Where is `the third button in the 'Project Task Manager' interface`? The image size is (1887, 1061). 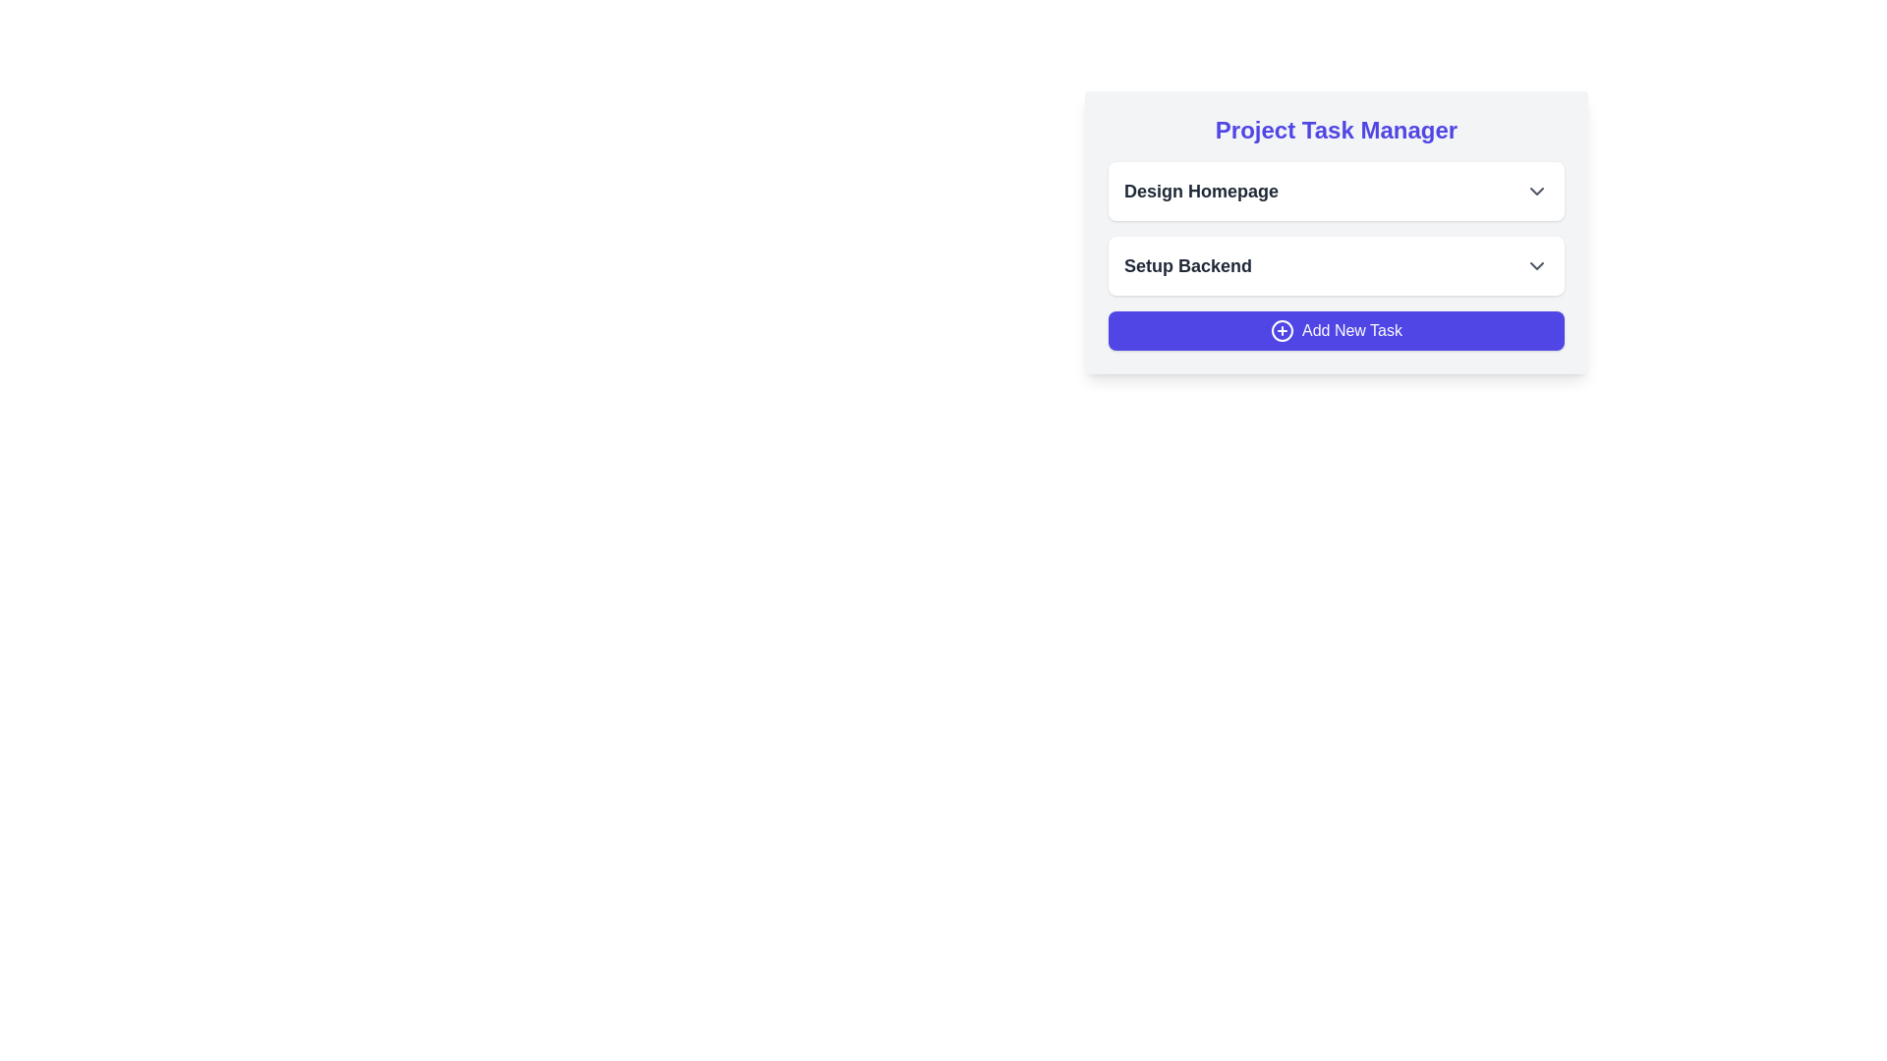 the third button in the 'Project Task Manager' interface is located at coordinates (1336, 329).